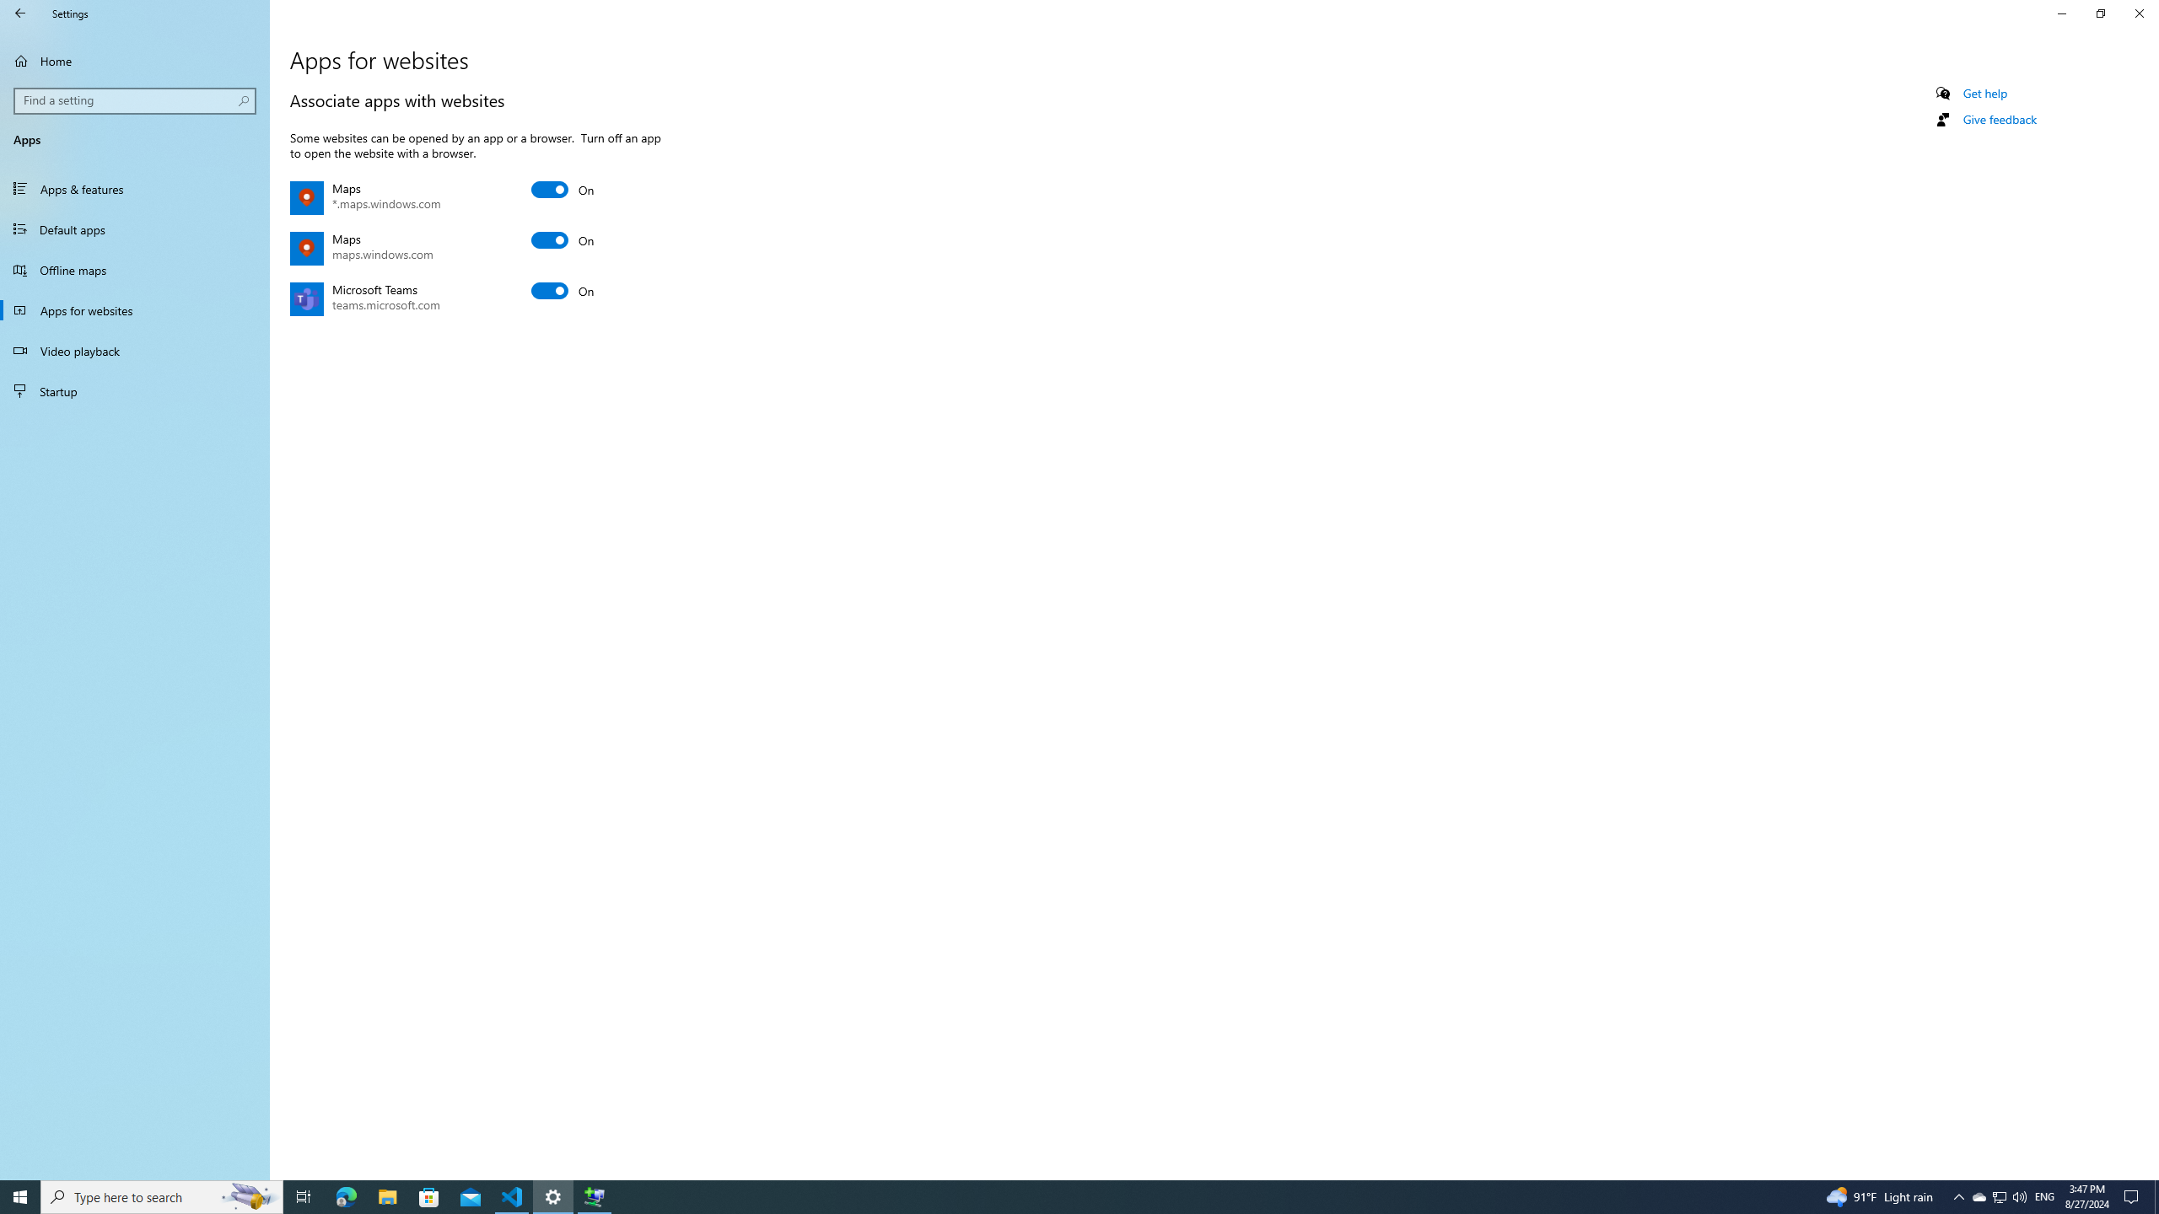 This screenshot has height=1214, width=2159. Describe the element at coordinates (1984, 93) in the screenshot. I see `'Get help'` at that location.